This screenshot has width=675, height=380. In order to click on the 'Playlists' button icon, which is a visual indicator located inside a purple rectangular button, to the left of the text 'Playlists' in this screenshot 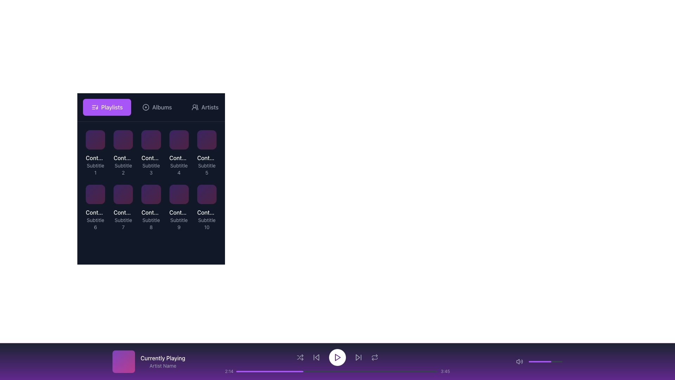, I will do `click(94, 107)`.